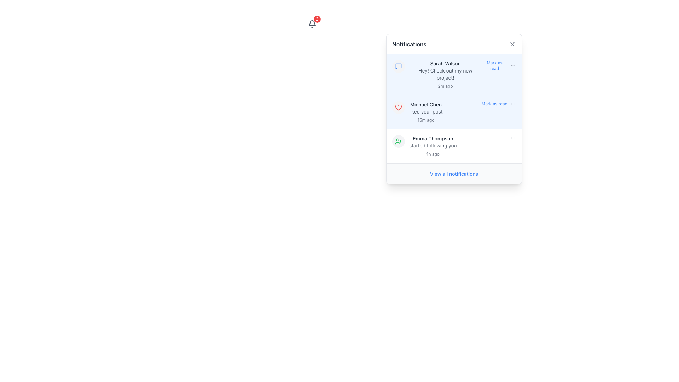 This screenshot has height=382, width=679. I want to click on text content of the notification from Sarah Wilson that says 'Hey! Check out my new project!' which is the first notification in the dropdown list, so click(445, 75).